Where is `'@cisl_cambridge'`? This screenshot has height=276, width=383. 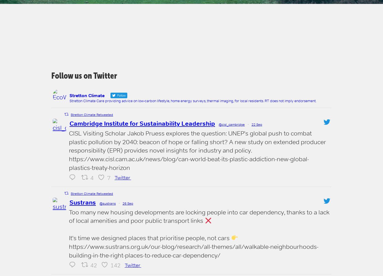 '@cisl_cambridge' is located at coordinates (231, 124).